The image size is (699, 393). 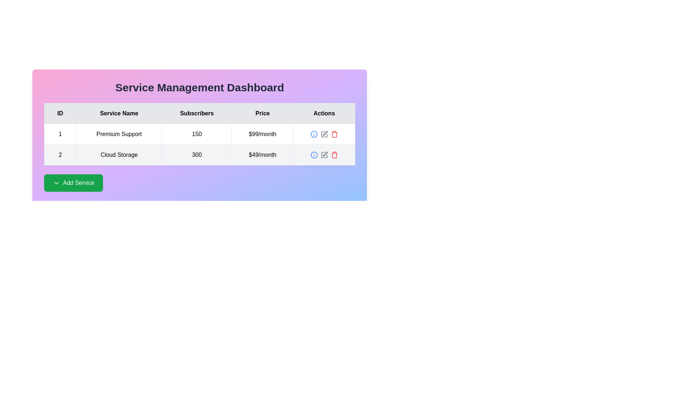 I want to click on the table cell displaying 'Cloud Storage' which is in the second row of the 'Service Name' column, so click(x=119, y=154).